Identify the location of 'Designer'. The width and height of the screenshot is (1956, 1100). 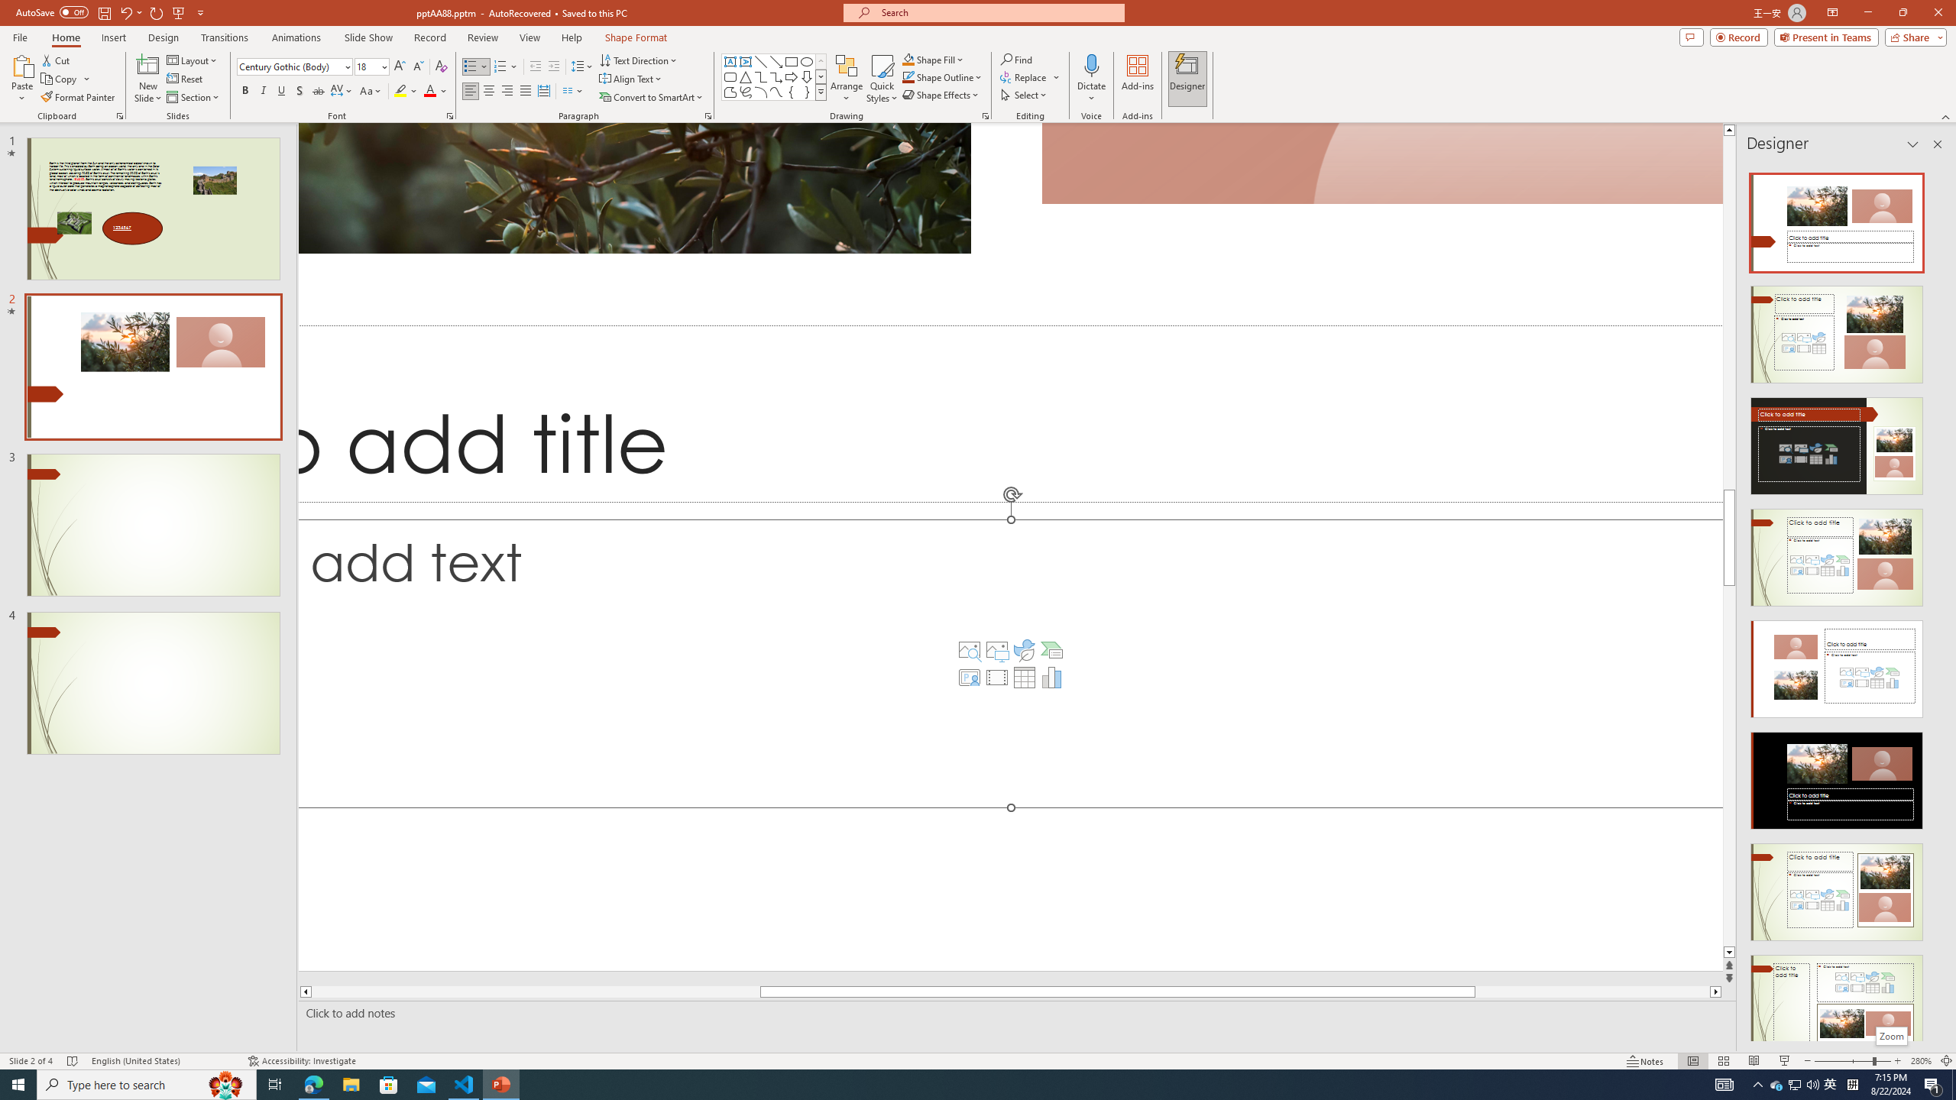
(1187, 79).